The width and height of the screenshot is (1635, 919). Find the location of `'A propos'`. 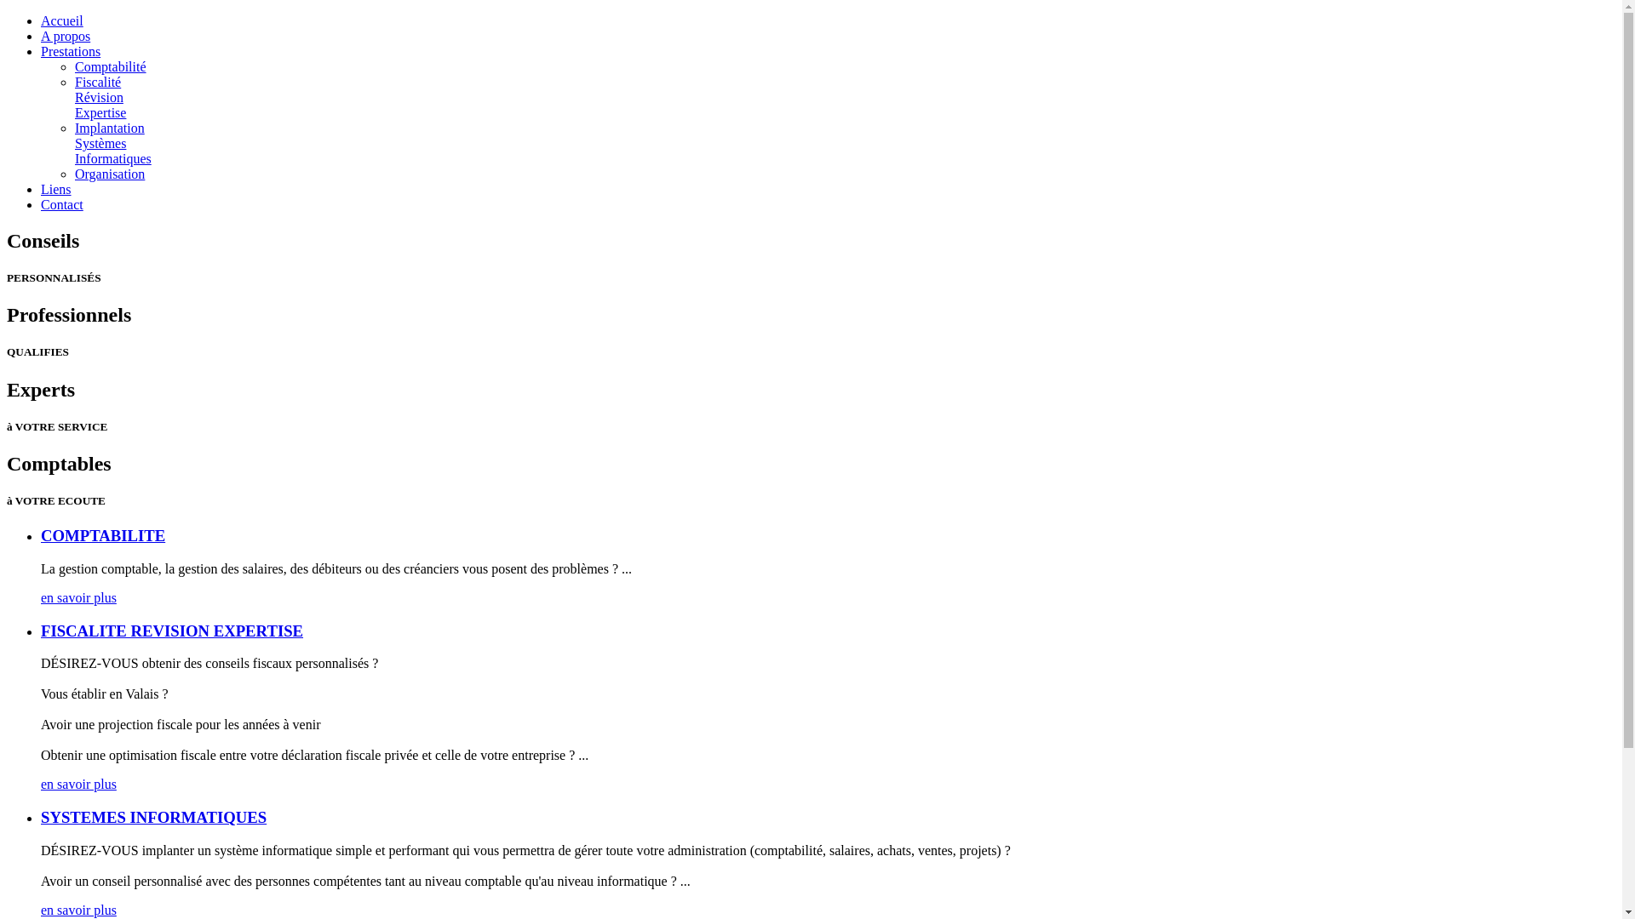

'A propos' is located at coordinates (65, 36).